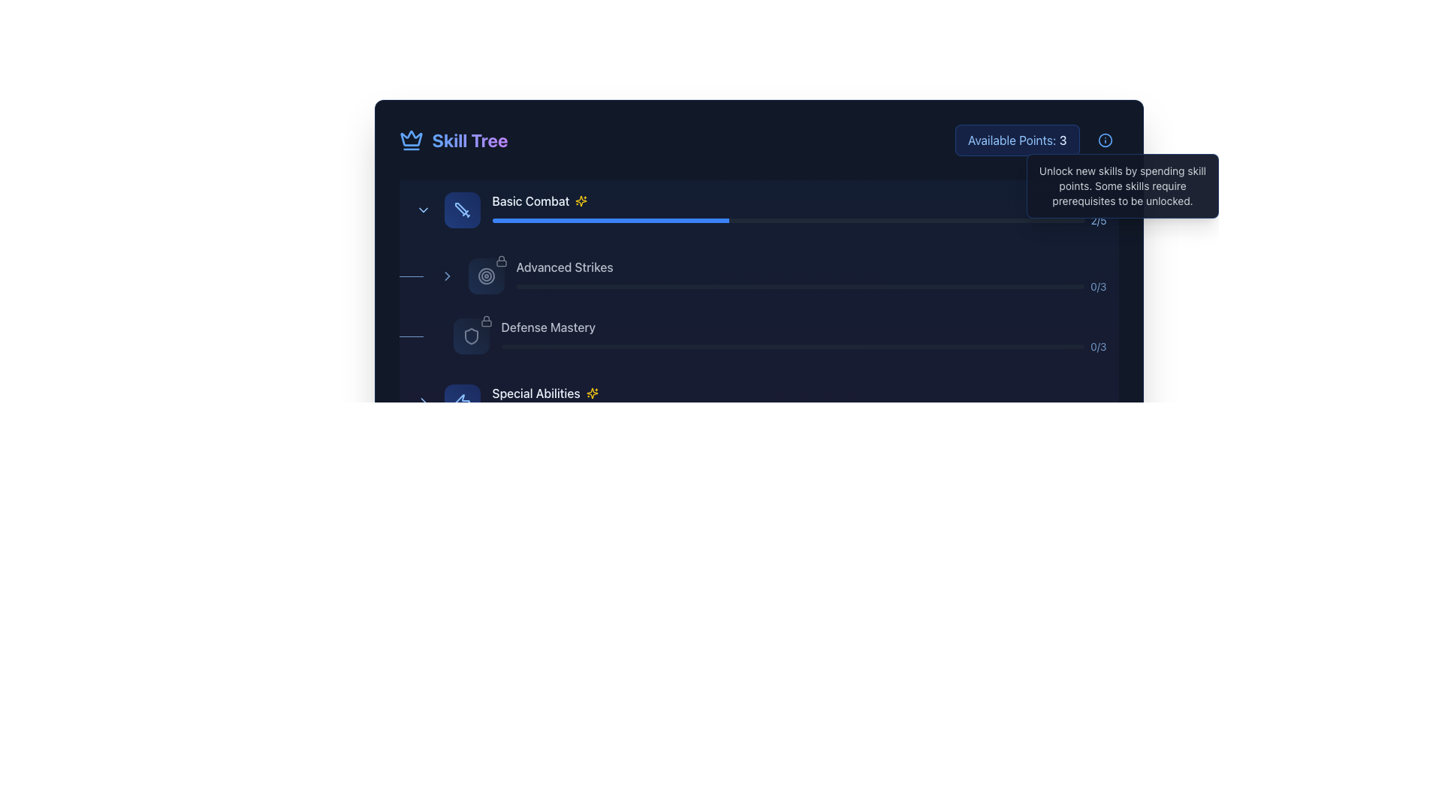  Describe the element at coordinates (803, 335) in the screenshot. I see `the 'Defense Mastery' skill indicator, which shows its title and current progress, located in the third entry of the skill list between 'Advanced Strikes' and 'Special Abilities'` at that location.